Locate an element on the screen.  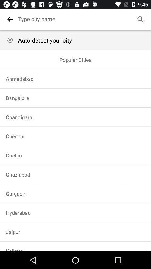
the image is used to go to my location is located at coordinates (10, 40).